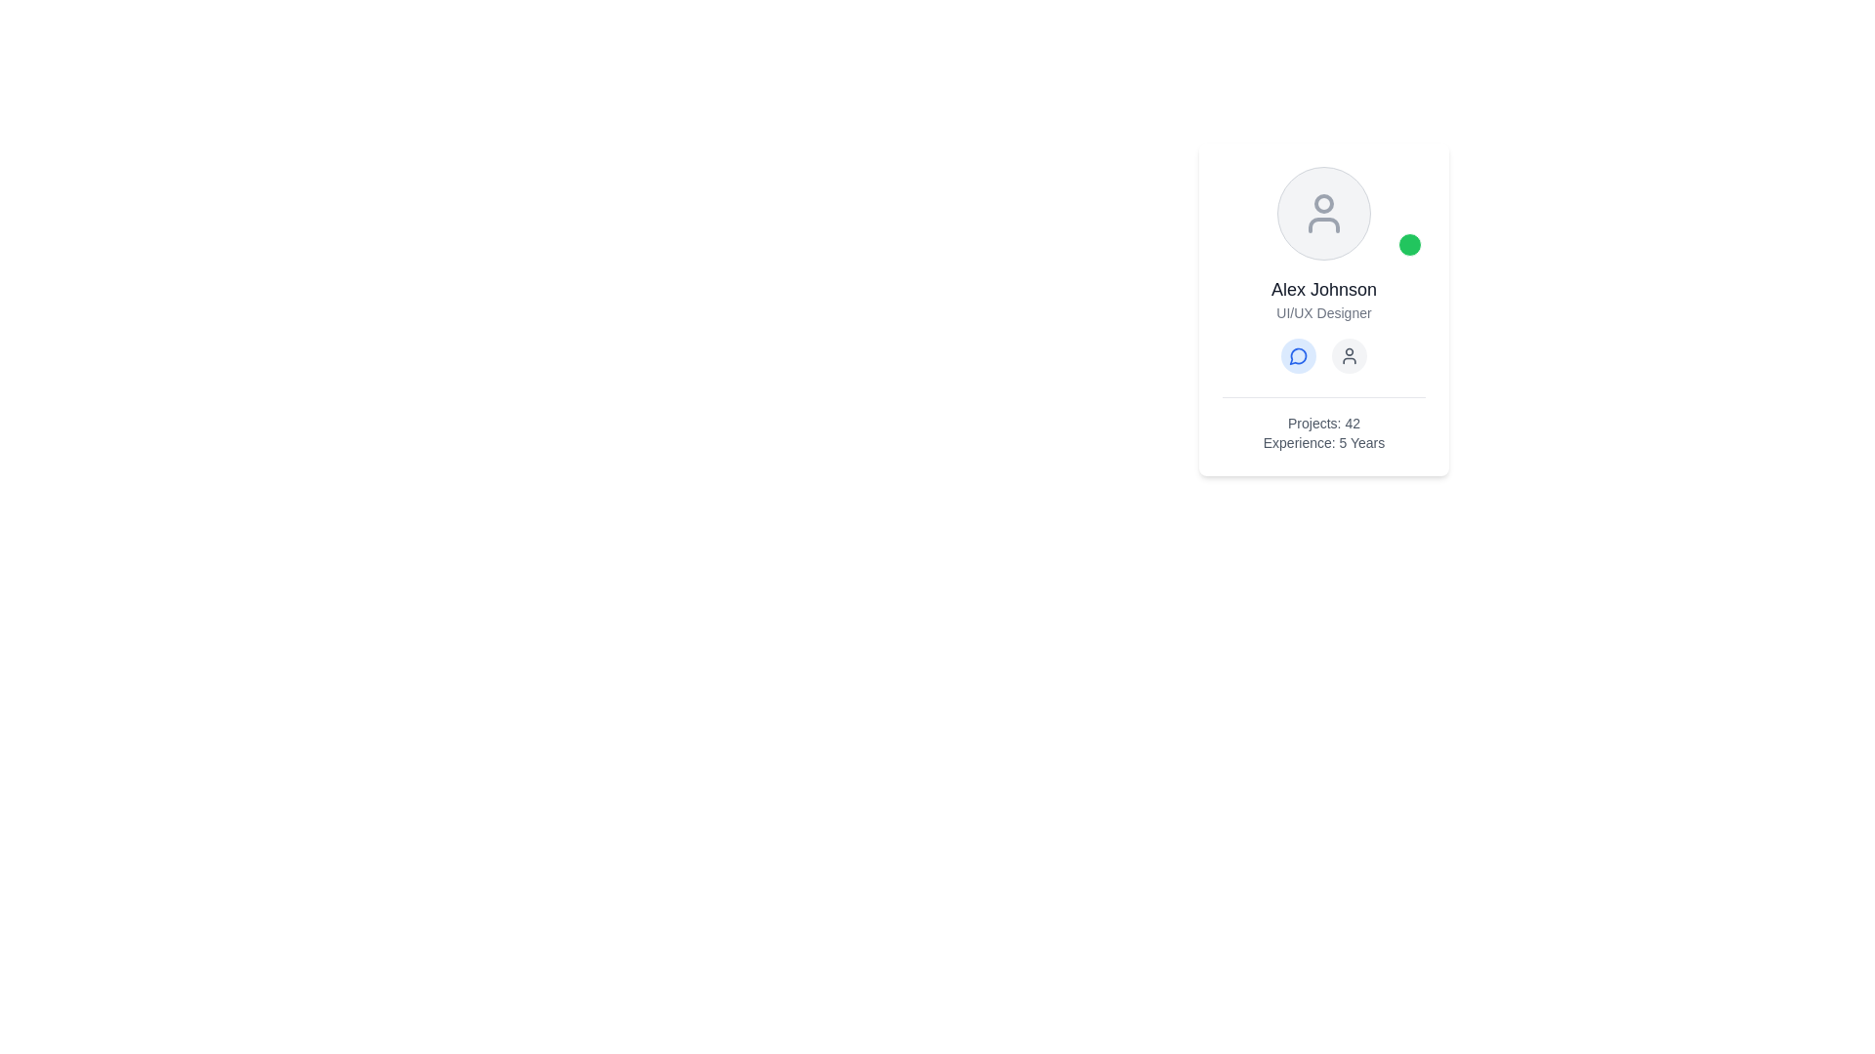 The image size is (1875, 1054). I want to click on the text label displaying 'UI/UX Designer' which is styled as a secondary descriptor located beneath 'Alex Johnson', so click(1324, 311).